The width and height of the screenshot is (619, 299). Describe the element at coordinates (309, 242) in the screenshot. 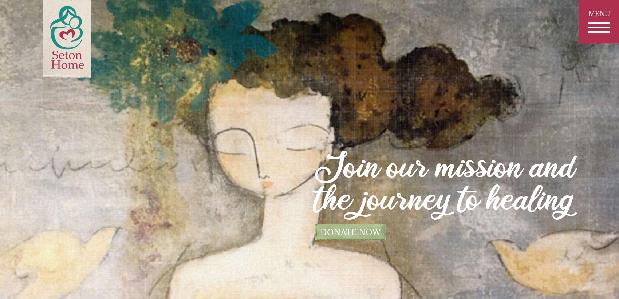

I see `'Gala in the Garden'` at that location.